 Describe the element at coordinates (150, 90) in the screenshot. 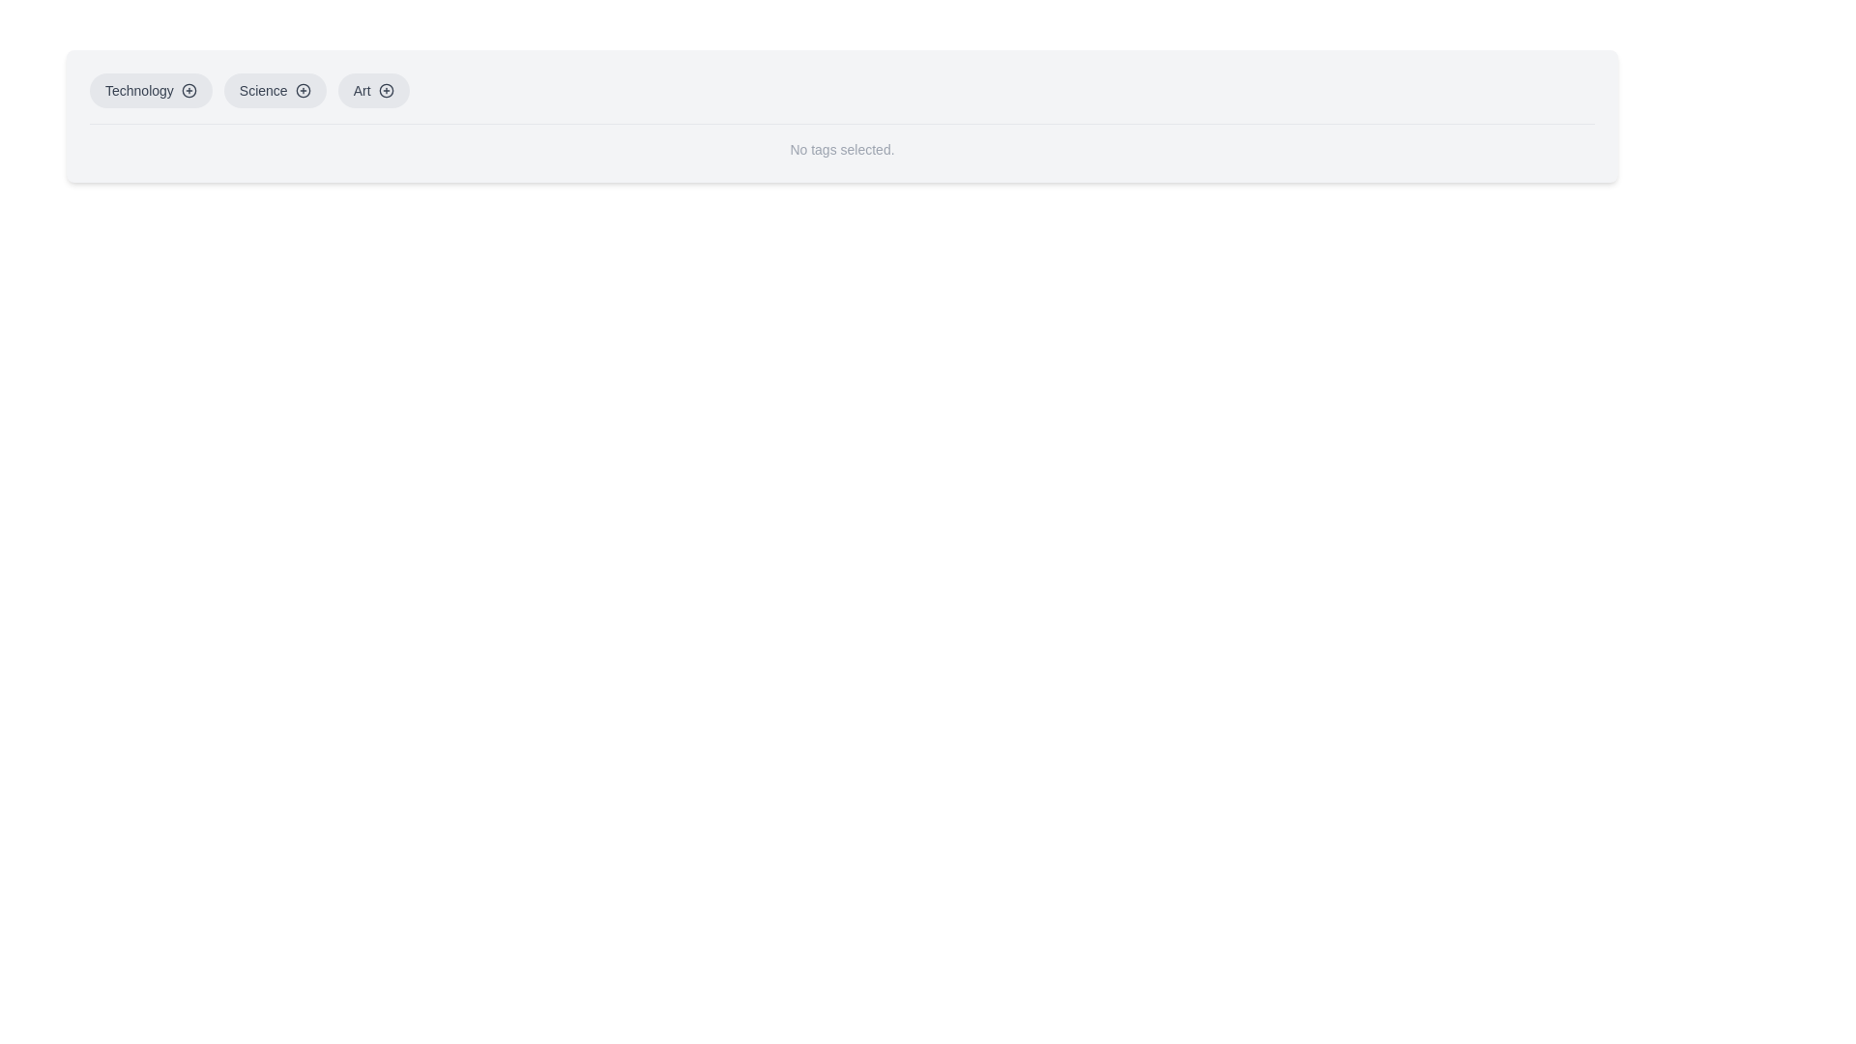

I see `the 'Technology' button, which is a rounded rectangular button with a gray background and the text 'Technology' aligned to the left` at that location.